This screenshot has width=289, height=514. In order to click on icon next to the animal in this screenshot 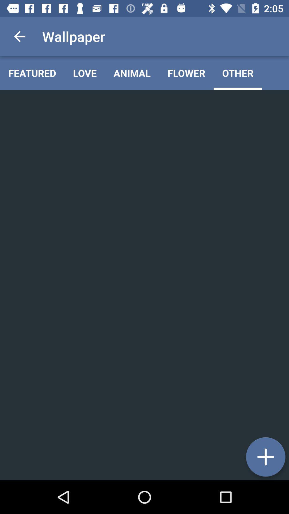, I will do `click(85, 73)`.